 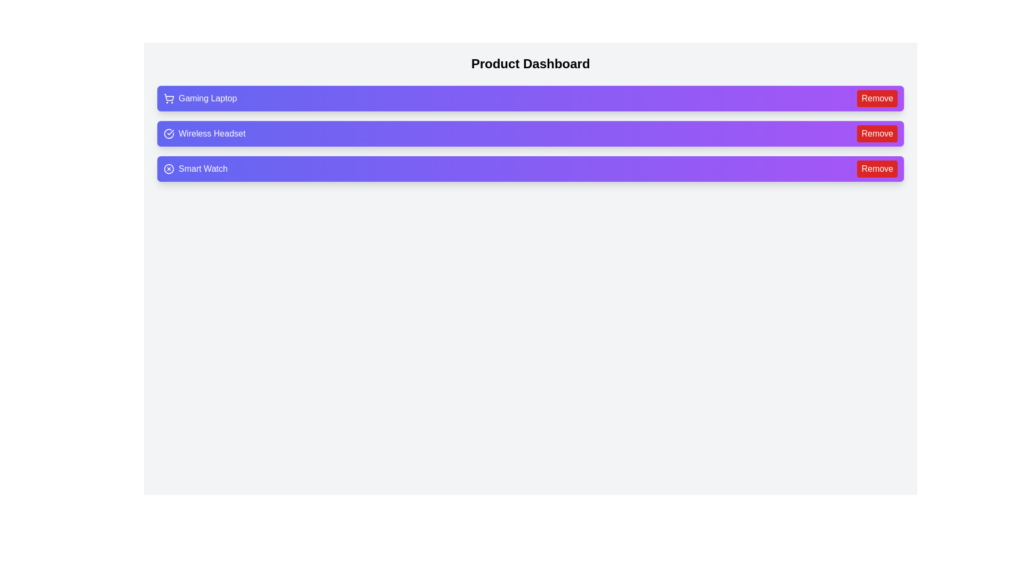 What do you see at coordinates (877, 168) in the screenshot?
I see `'Remove' button for the product labeled Smart Watch` at bounding box center [877, 168].